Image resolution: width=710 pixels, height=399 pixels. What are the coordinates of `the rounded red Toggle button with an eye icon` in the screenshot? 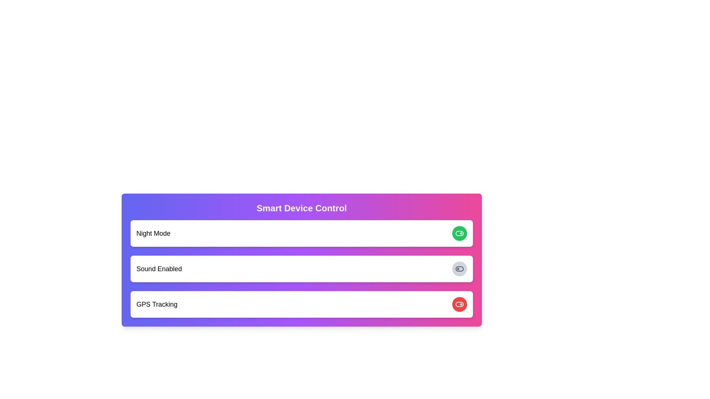 It's located at (459, 304).